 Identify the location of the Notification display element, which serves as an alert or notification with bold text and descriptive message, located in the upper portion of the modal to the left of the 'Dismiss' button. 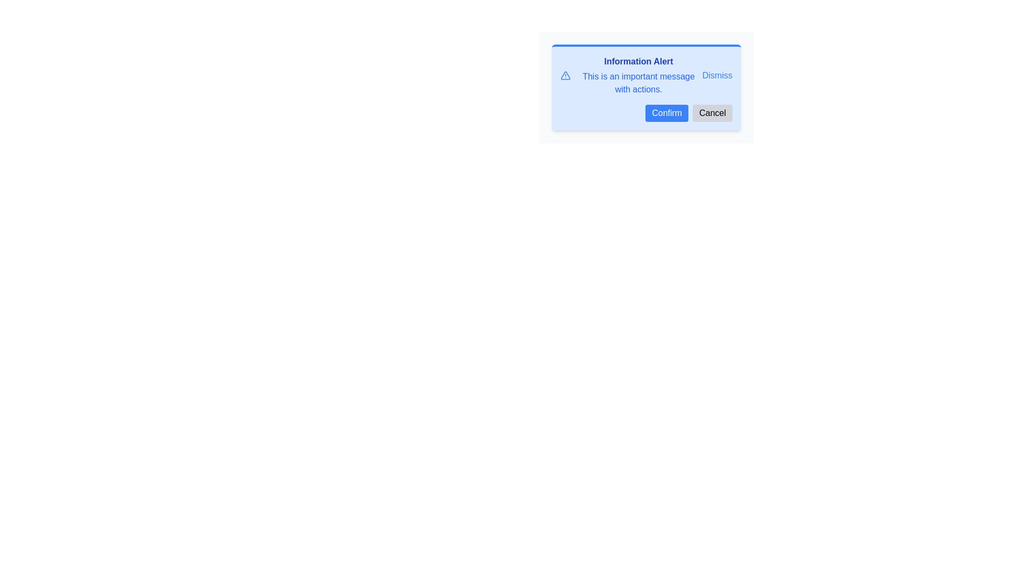
(631, 75).